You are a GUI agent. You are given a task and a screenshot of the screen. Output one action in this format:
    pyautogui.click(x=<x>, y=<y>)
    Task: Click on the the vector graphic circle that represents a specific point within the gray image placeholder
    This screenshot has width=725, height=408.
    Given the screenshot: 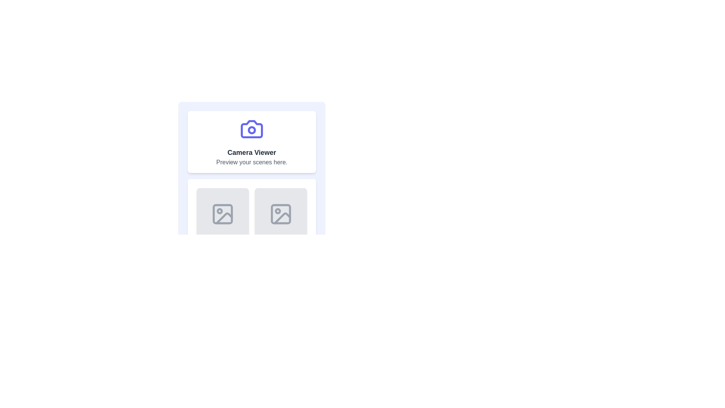 What is the action you would take?
    pyautogui.click(x=219, y=211)
    